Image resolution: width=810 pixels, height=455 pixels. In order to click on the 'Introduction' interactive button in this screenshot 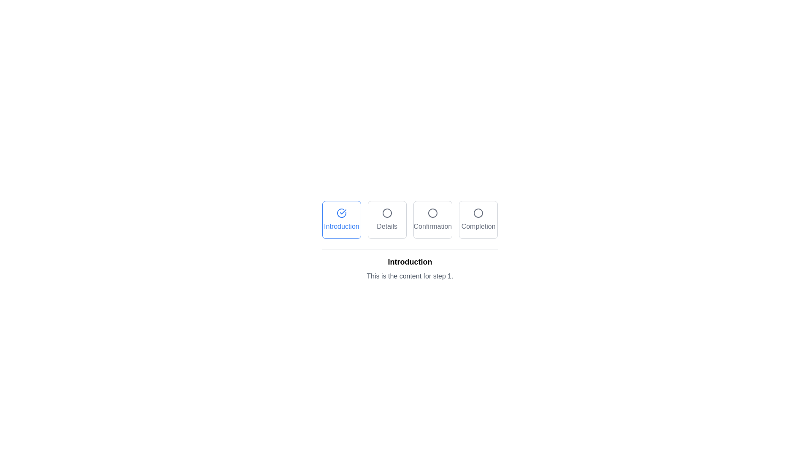, I will do `click(341, 219)`.